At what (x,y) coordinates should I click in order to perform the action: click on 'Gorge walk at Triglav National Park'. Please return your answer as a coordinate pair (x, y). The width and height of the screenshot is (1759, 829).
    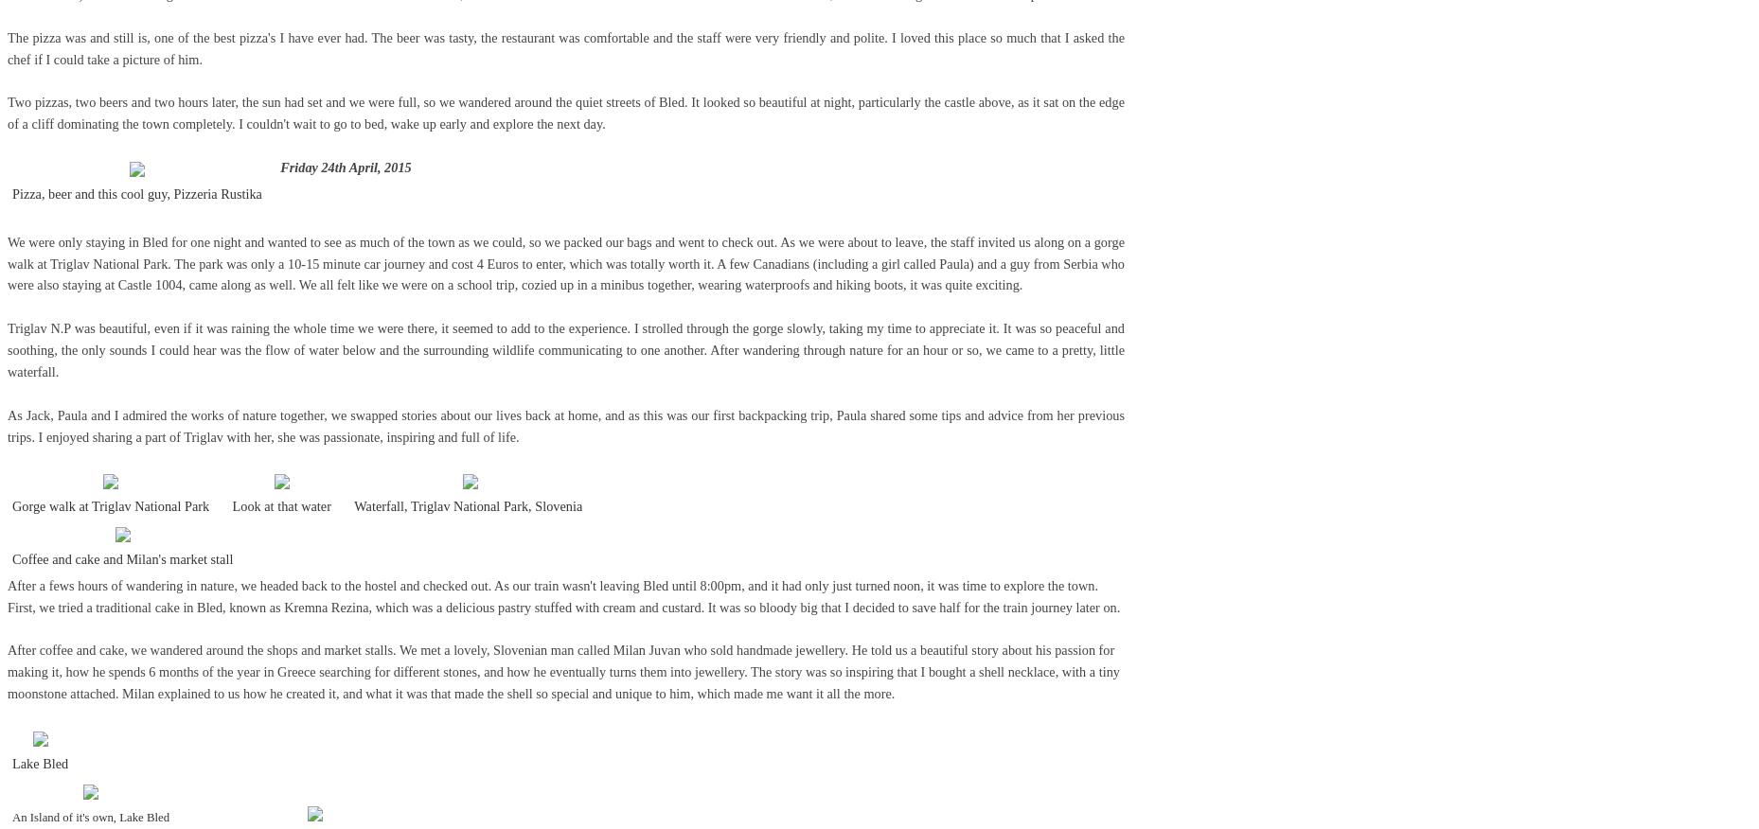
    Looking at the image, I should click on (111, 505).